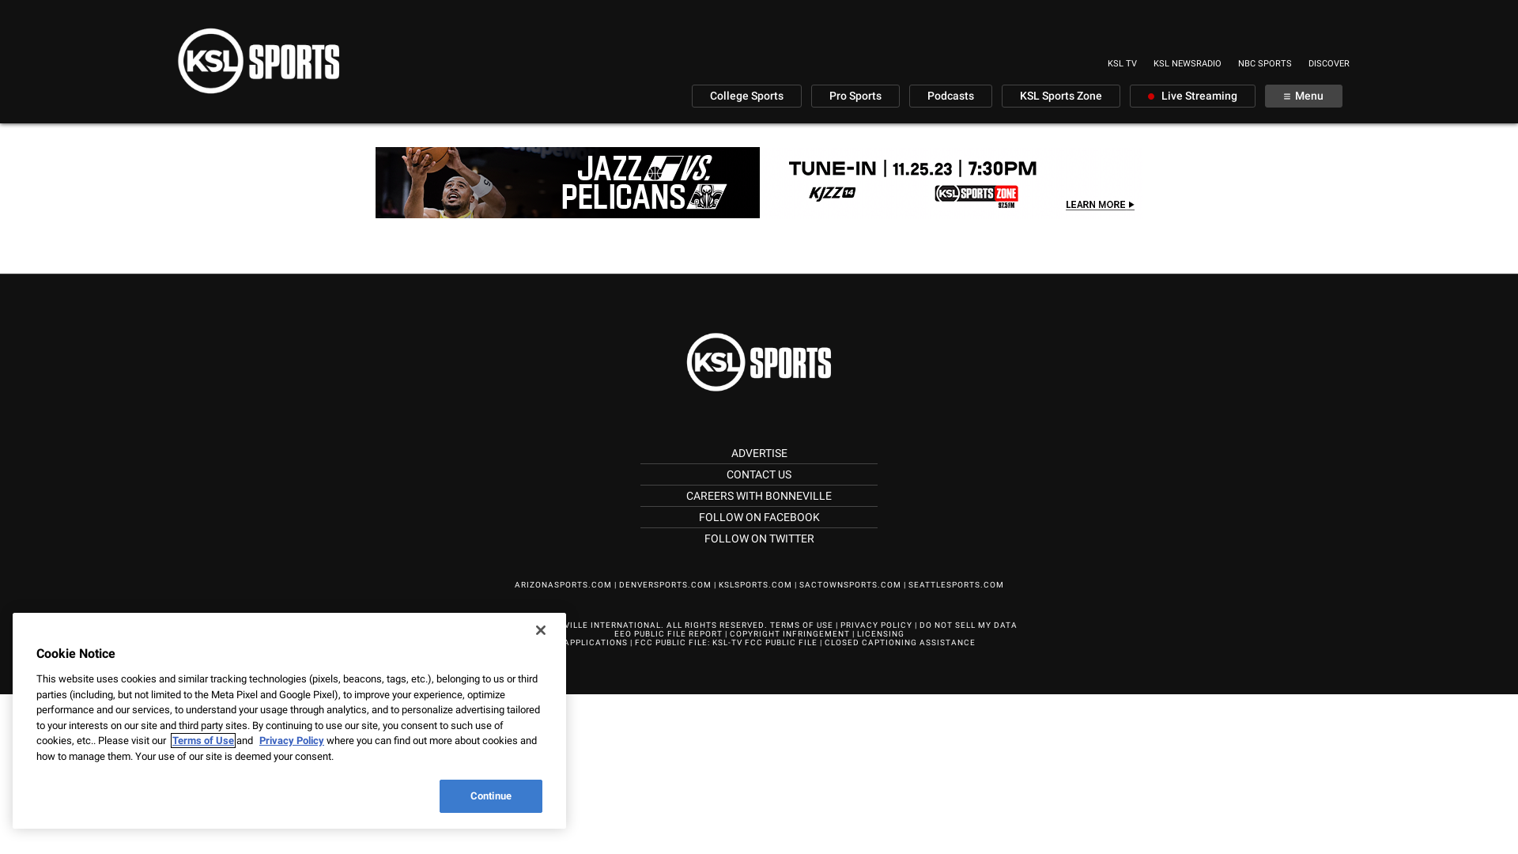  I want to click on 'KSL Sports Zone', so click(1001, 96).